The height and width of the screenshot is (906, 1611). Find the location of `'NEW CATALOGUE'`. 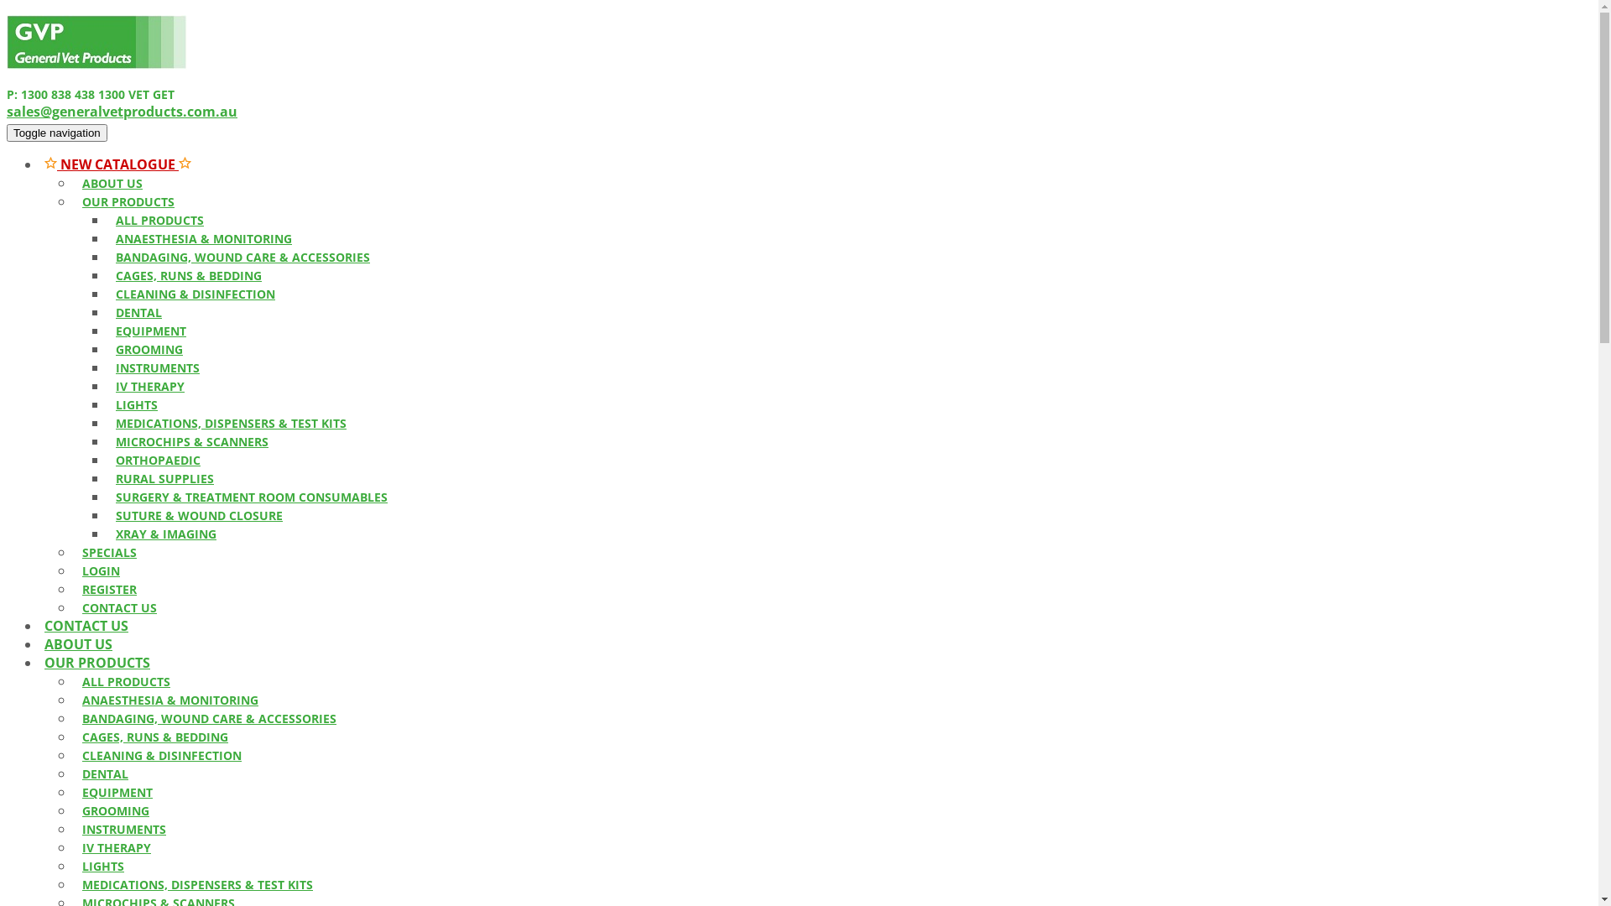

'NEW CATALOGUE' is located at coordinates (117, 164).